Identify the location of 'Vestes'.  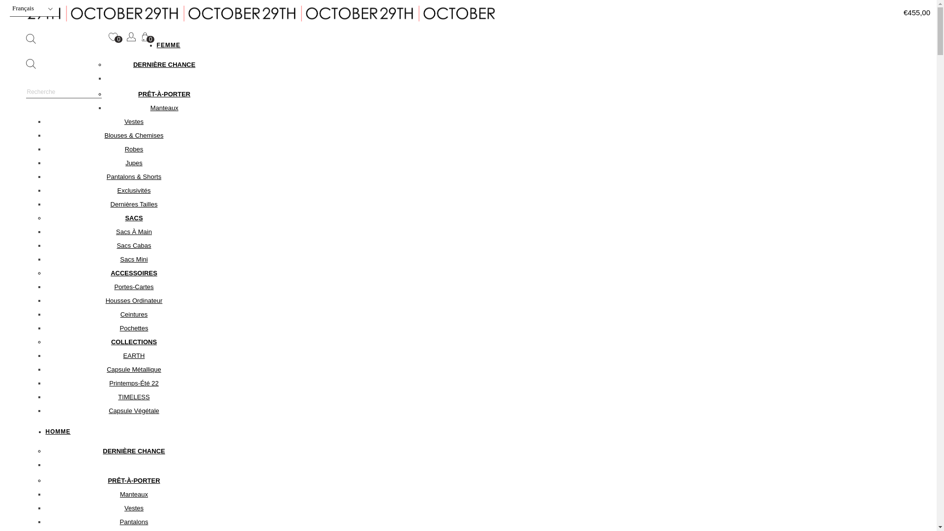
(133, 121).